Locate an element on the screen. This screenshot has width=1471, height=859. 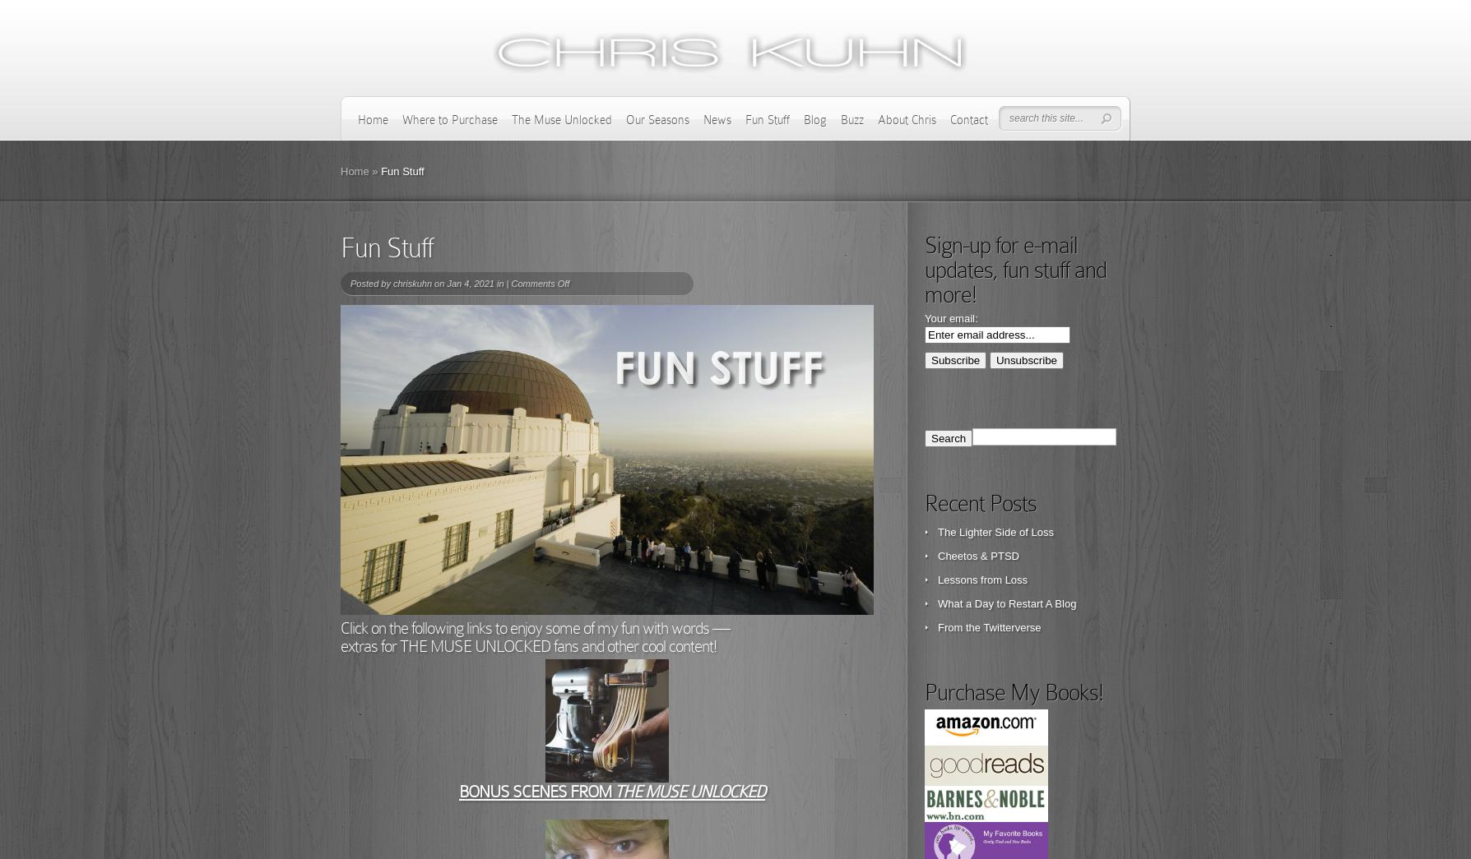
'About Chris' is located at coordinates (907, 118).